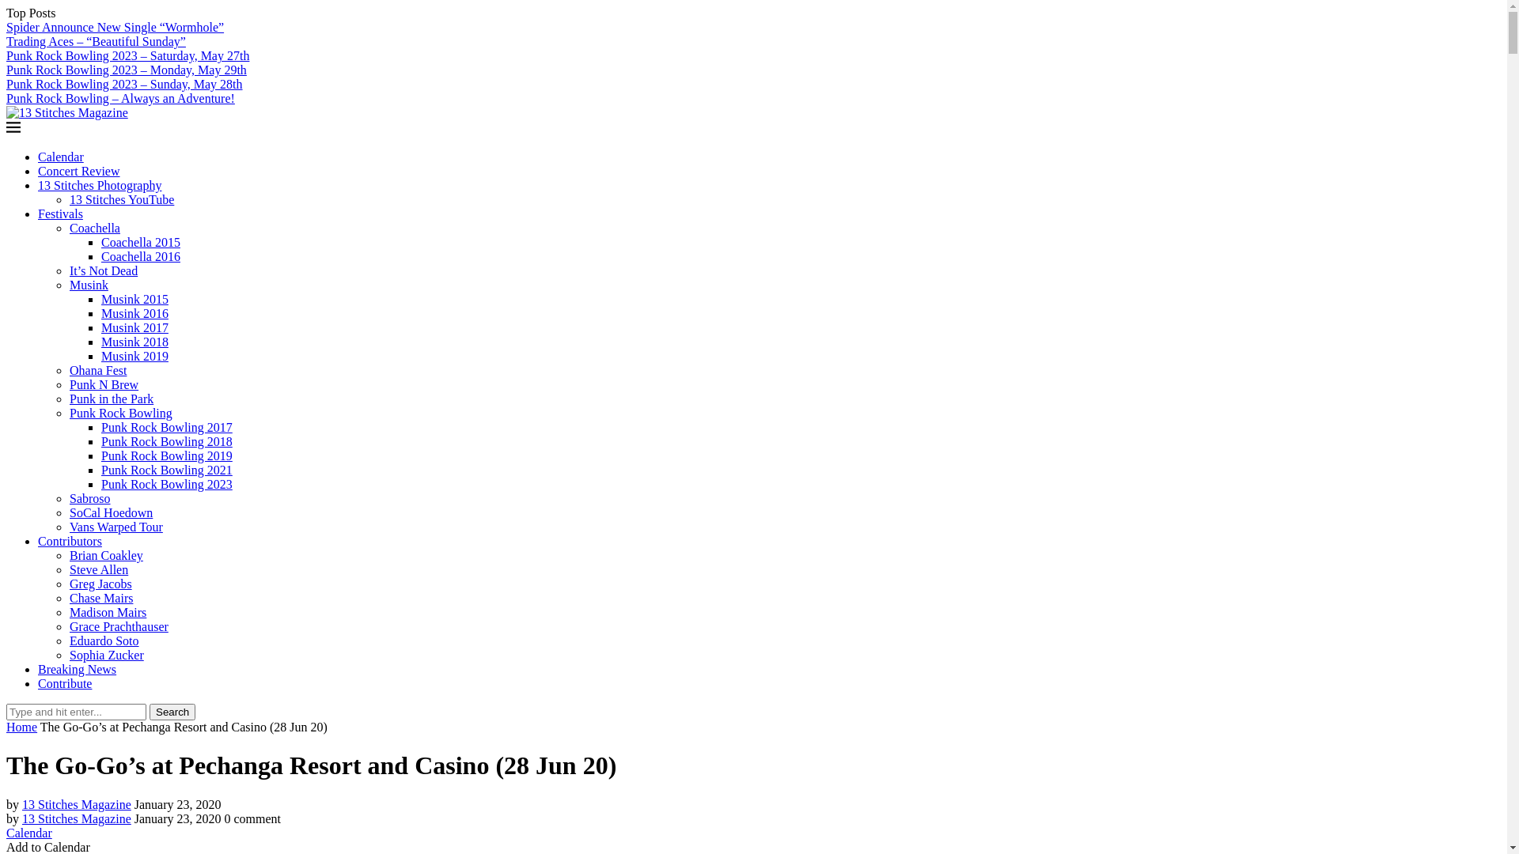  What do you see at coordinates (134, 313) in the screenshot?
I see `'Musink 2016'` at bounding box center [134, 313].